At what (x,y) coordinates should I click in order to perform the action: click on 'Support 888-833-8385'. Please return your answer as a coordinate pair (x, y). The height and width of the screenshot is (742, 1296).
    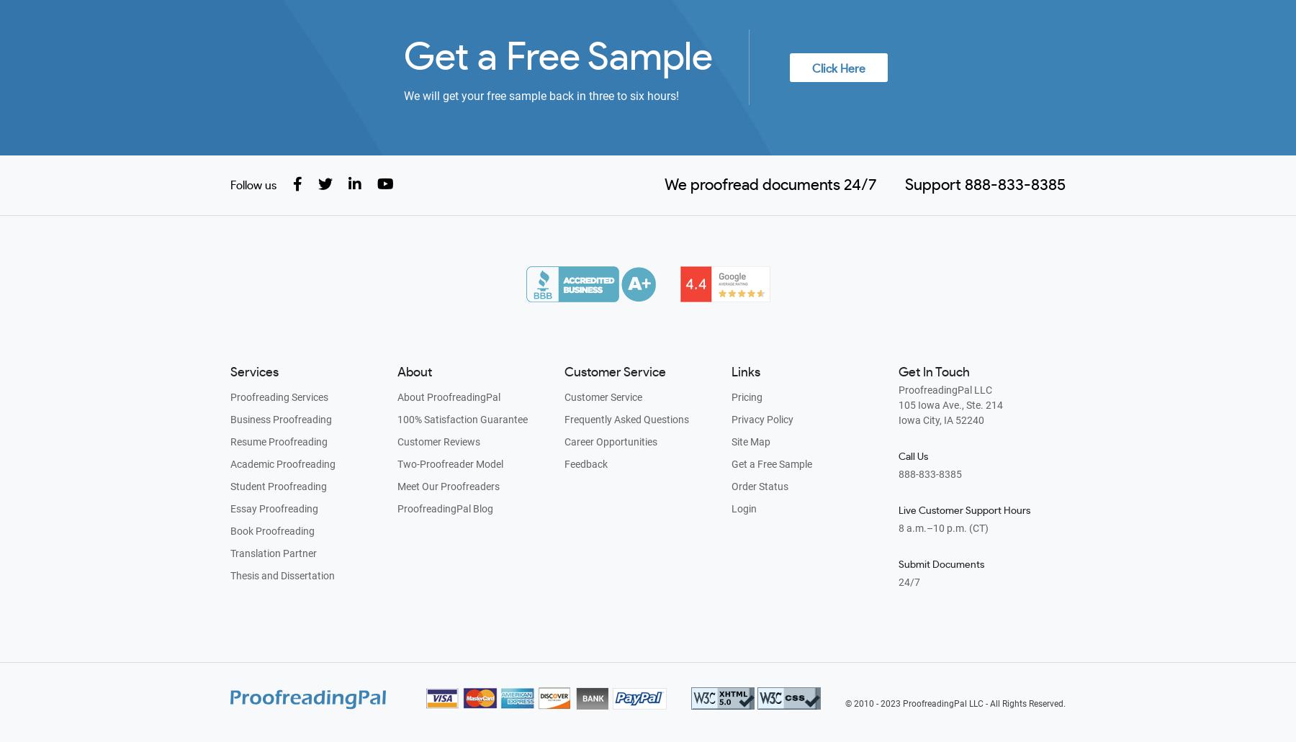
    Looking at the image, I should click on (901, 185).